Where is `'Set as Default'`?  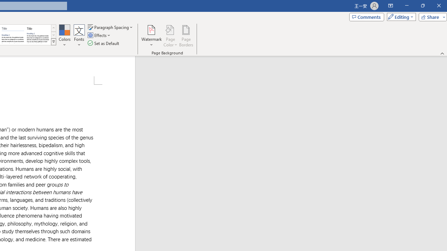 'Set as Default' is located at coordinates (104, 43).